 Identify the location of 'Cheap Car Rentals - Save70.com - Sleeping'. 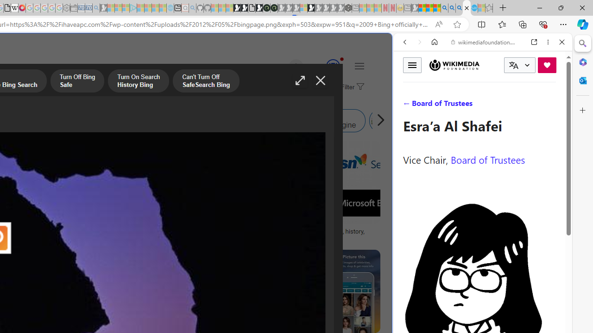
(88, 8).